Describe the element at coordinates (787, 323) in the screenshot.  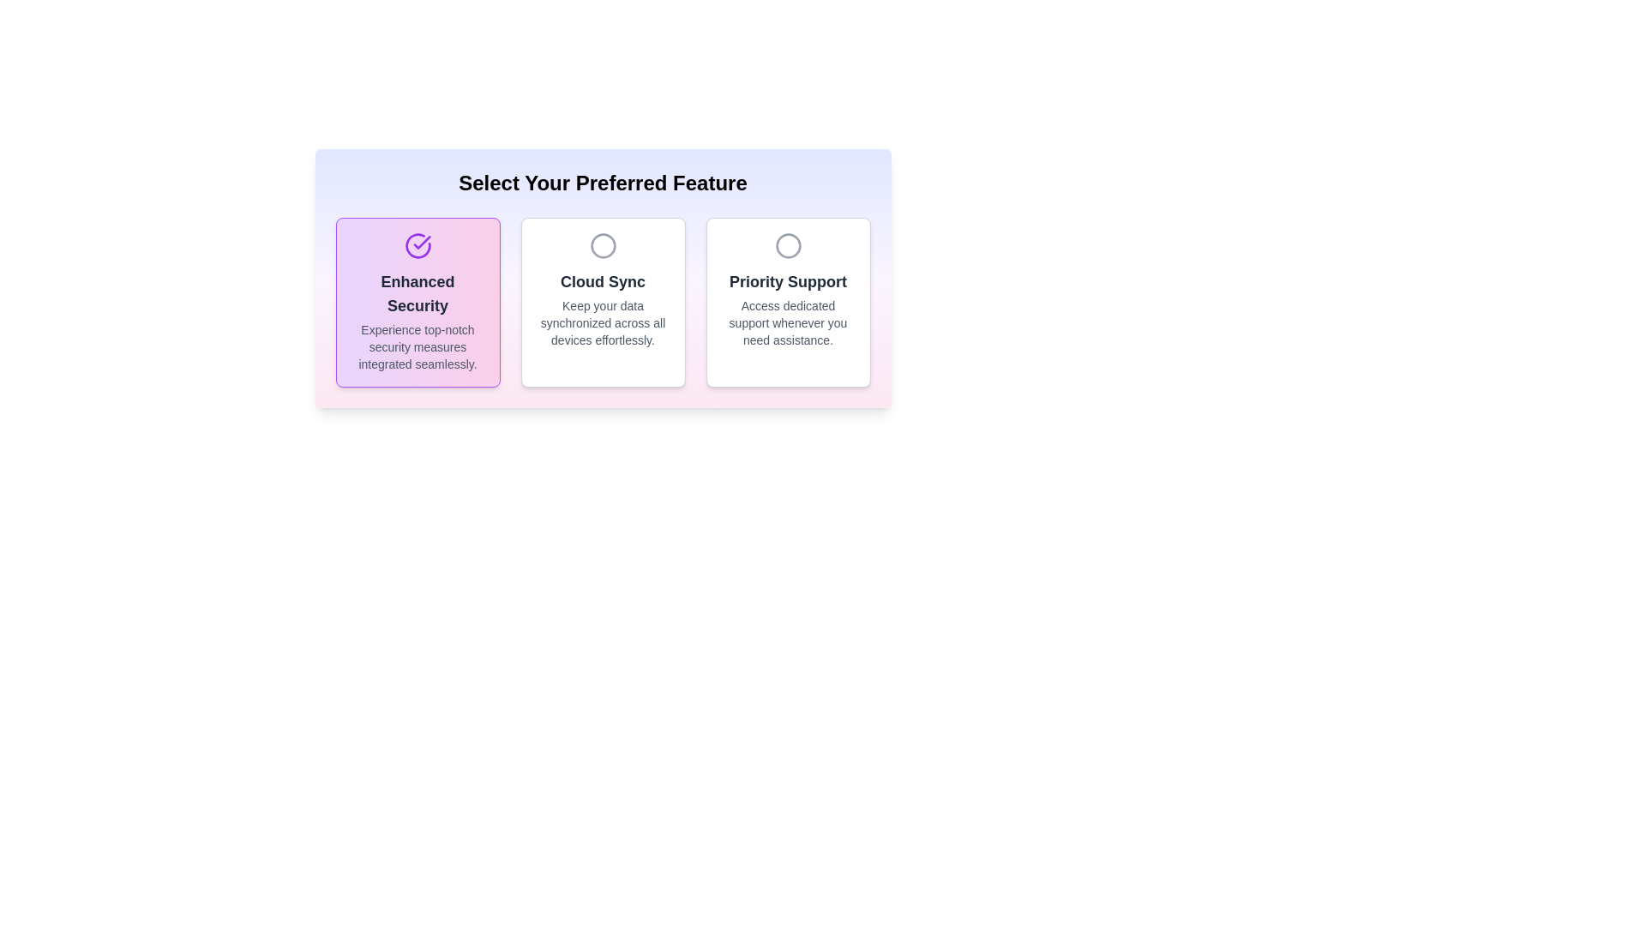
I see `the text snippet that reads "Access dedicated support whenever you need assistance." located at the bottom center of the "Priority Support" box` at that location.